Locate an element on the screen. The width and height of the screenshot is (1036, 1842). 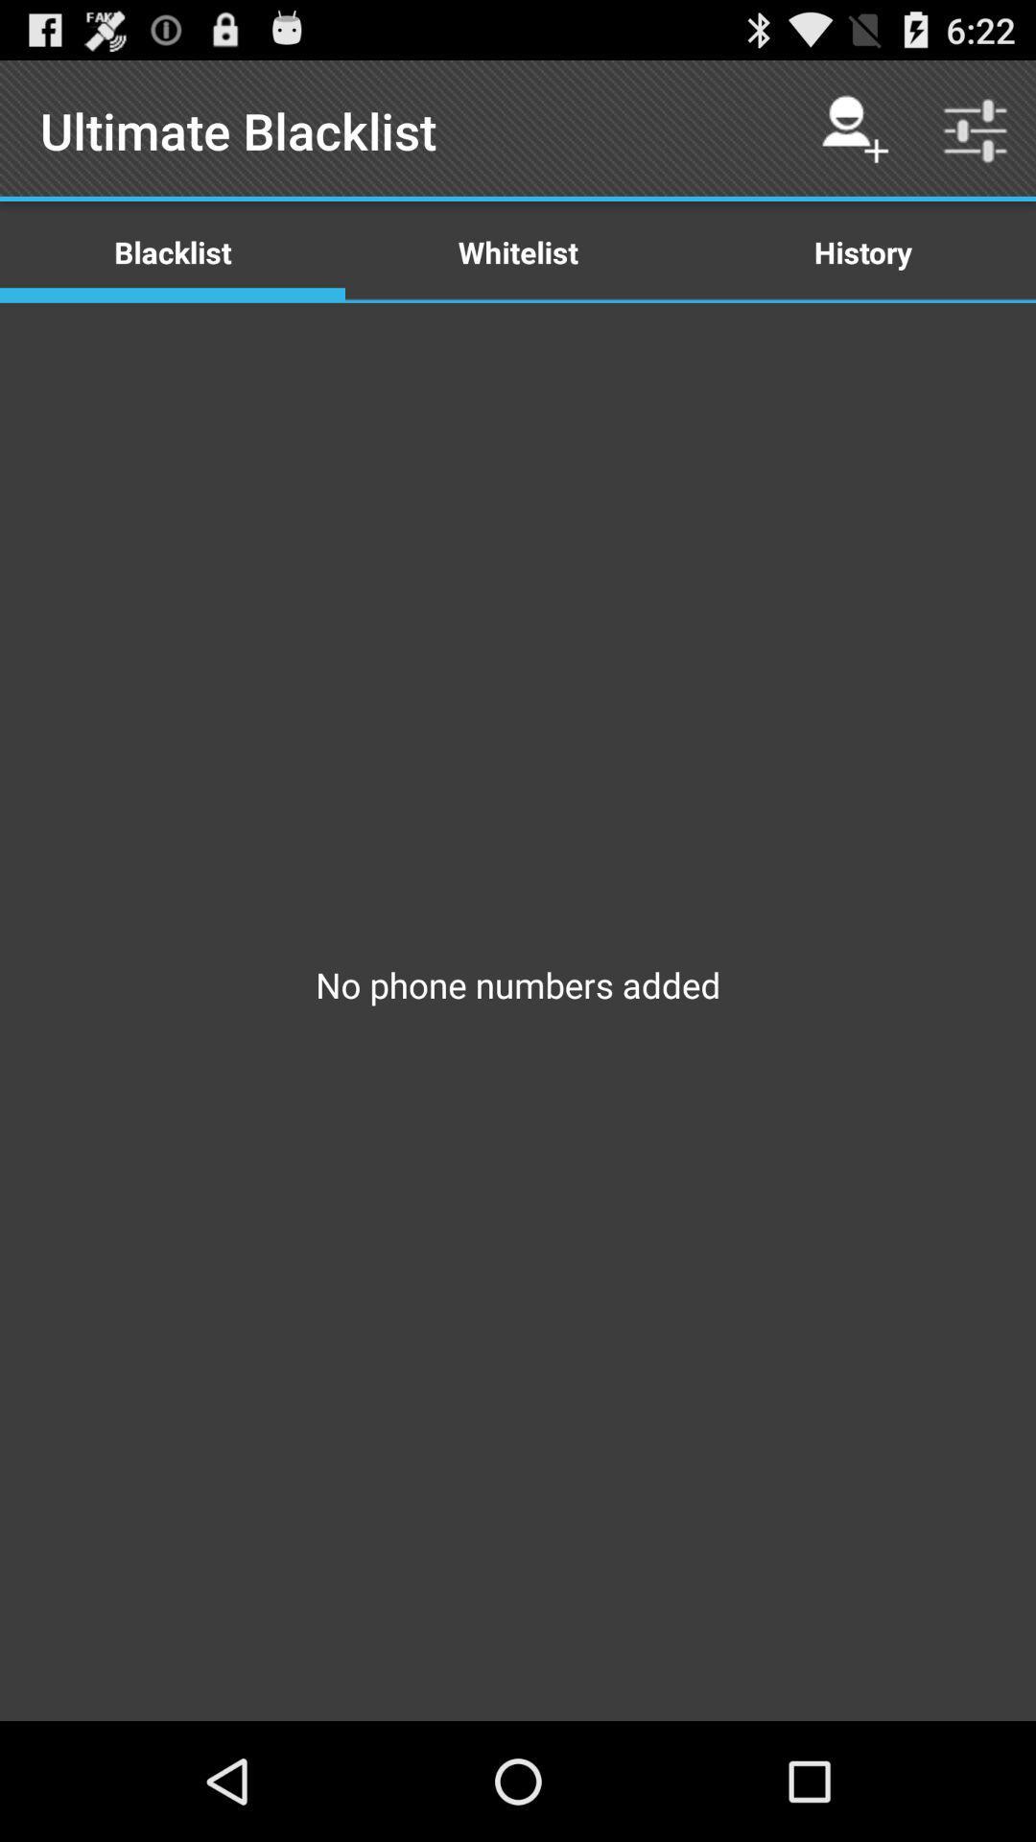
icon above the no phone numbers icon is located at coordinates (861, 250).